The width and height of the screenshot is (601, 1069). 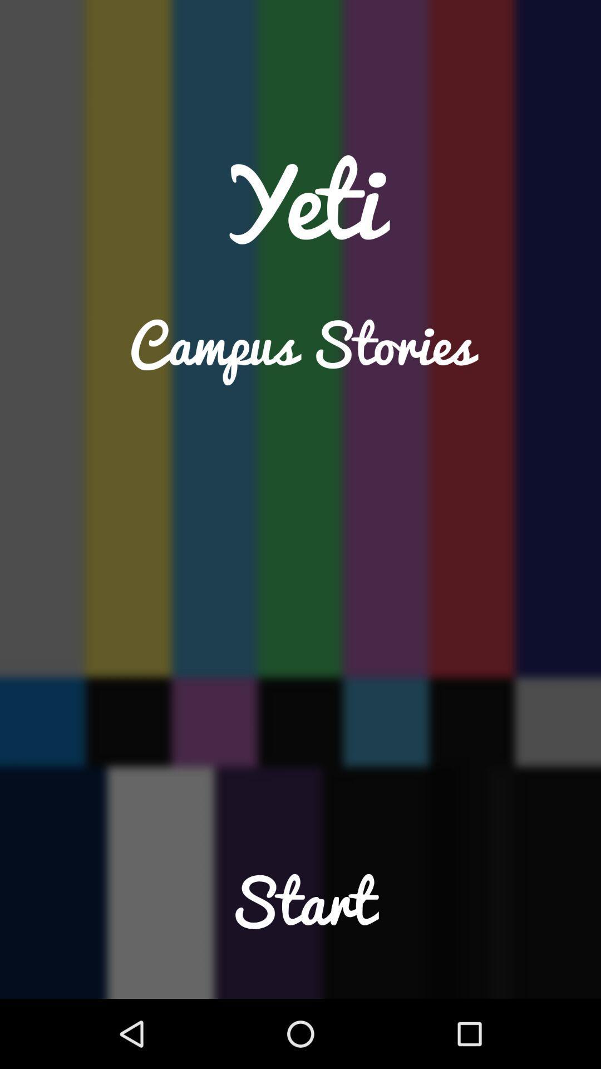 I want to click on app at the bottom, so click(x=300, y=924).